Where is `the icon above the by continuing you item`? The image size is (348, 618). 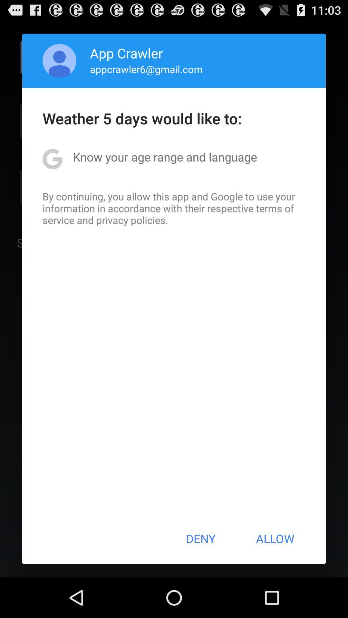
the icon above the by continuing you item is located at coordinates (165, 157).